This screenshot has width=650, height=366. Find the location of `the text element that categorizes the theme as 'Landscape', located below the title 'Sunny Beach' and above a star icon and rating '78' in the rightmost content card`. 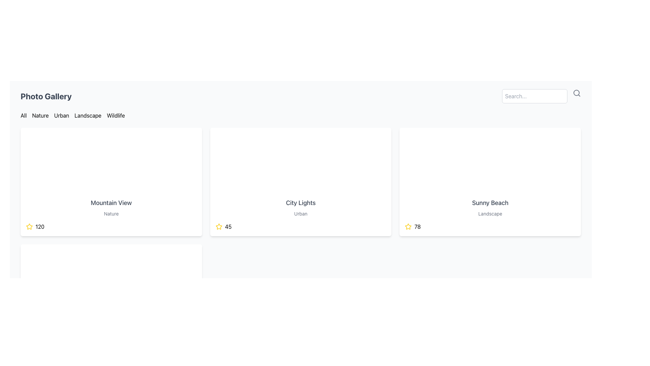

the text element that categorizes the theme as 'Landscape', located below the title 'Sunny Beach' and above a star icon and rating '78' in the rightmost content card is located at coordinates (490, 214).